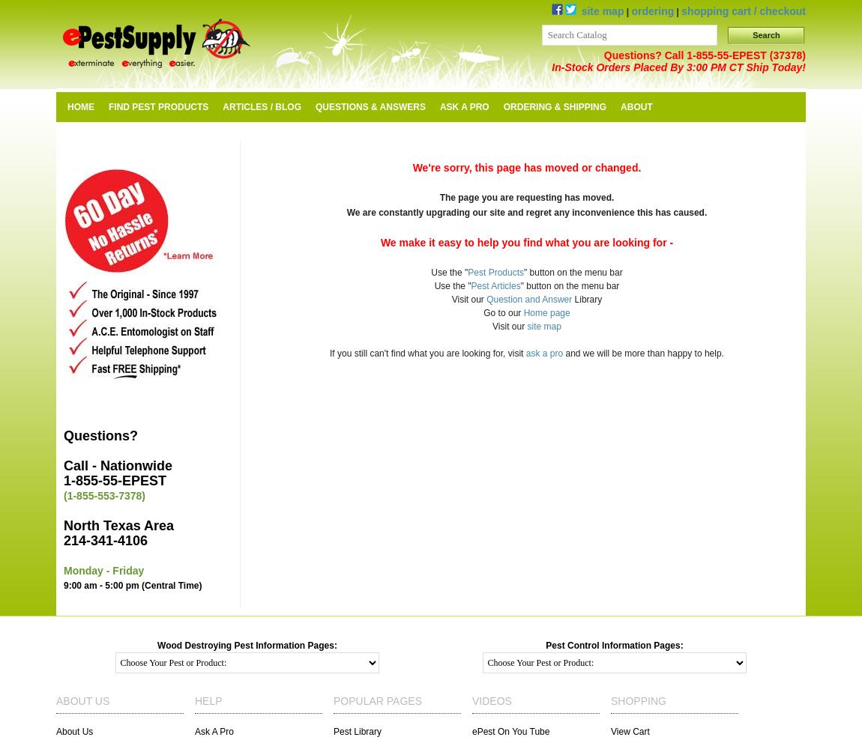  I want to click on 'View Cart', so click(629, 731).